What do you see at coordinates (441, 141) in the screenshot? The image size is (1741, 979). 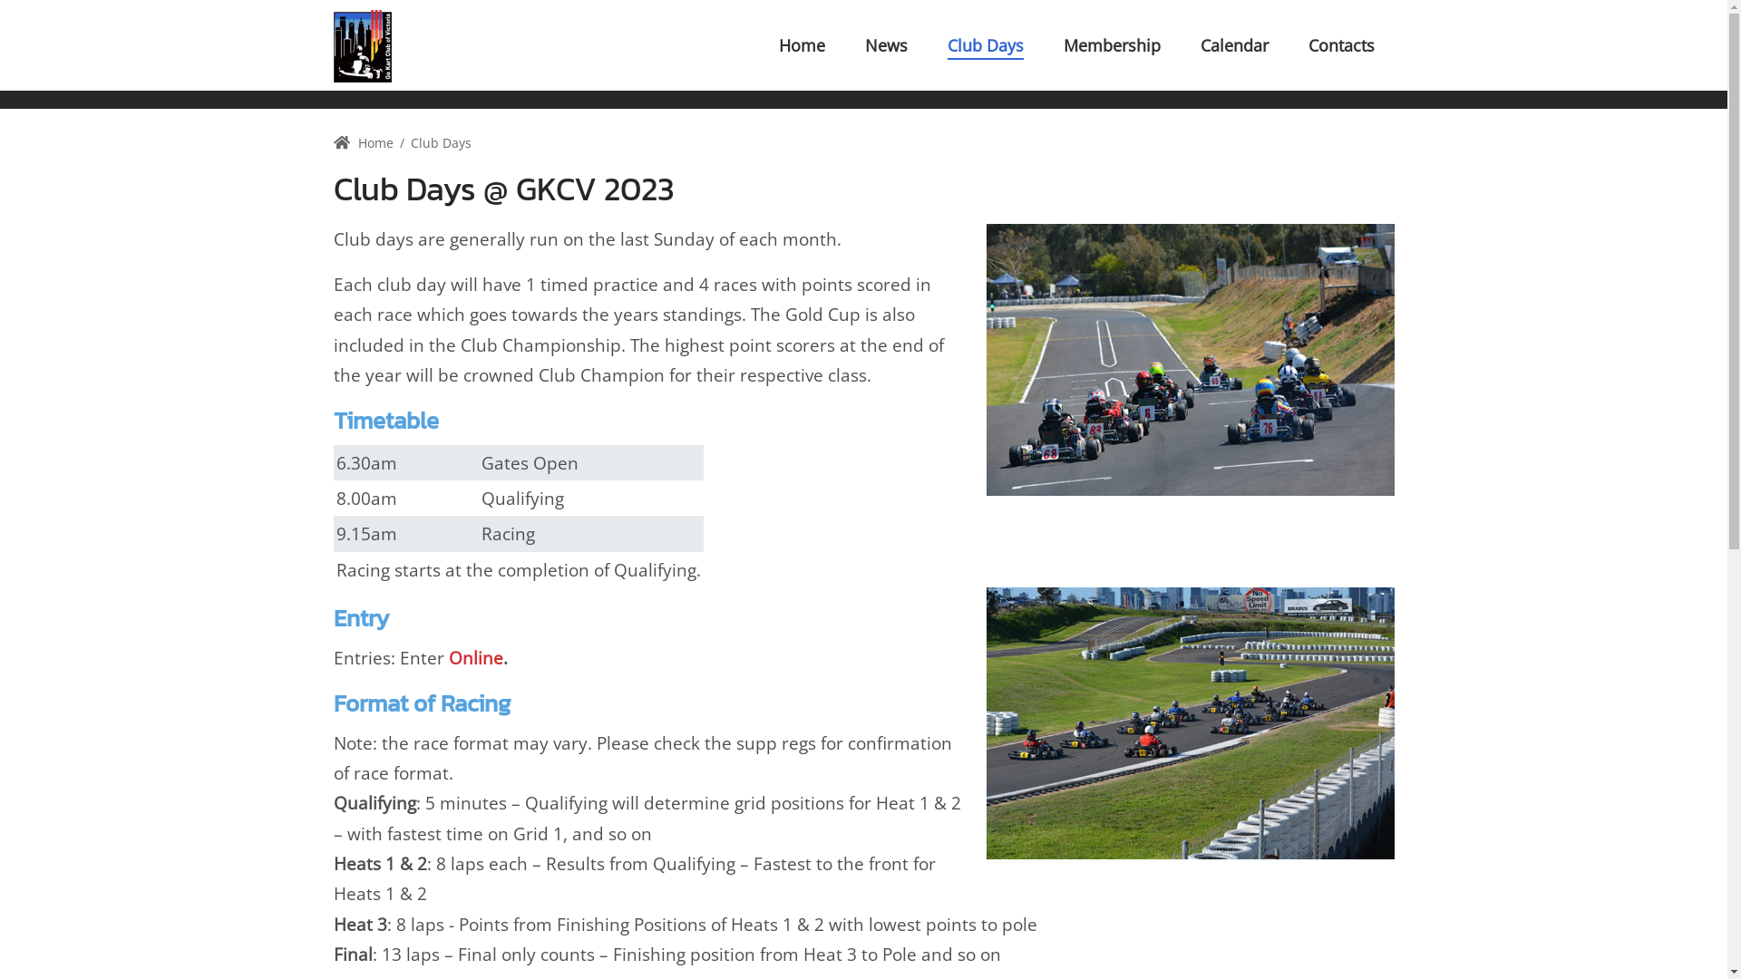 I see `'Club Days'` at bounding box center [441, 141].